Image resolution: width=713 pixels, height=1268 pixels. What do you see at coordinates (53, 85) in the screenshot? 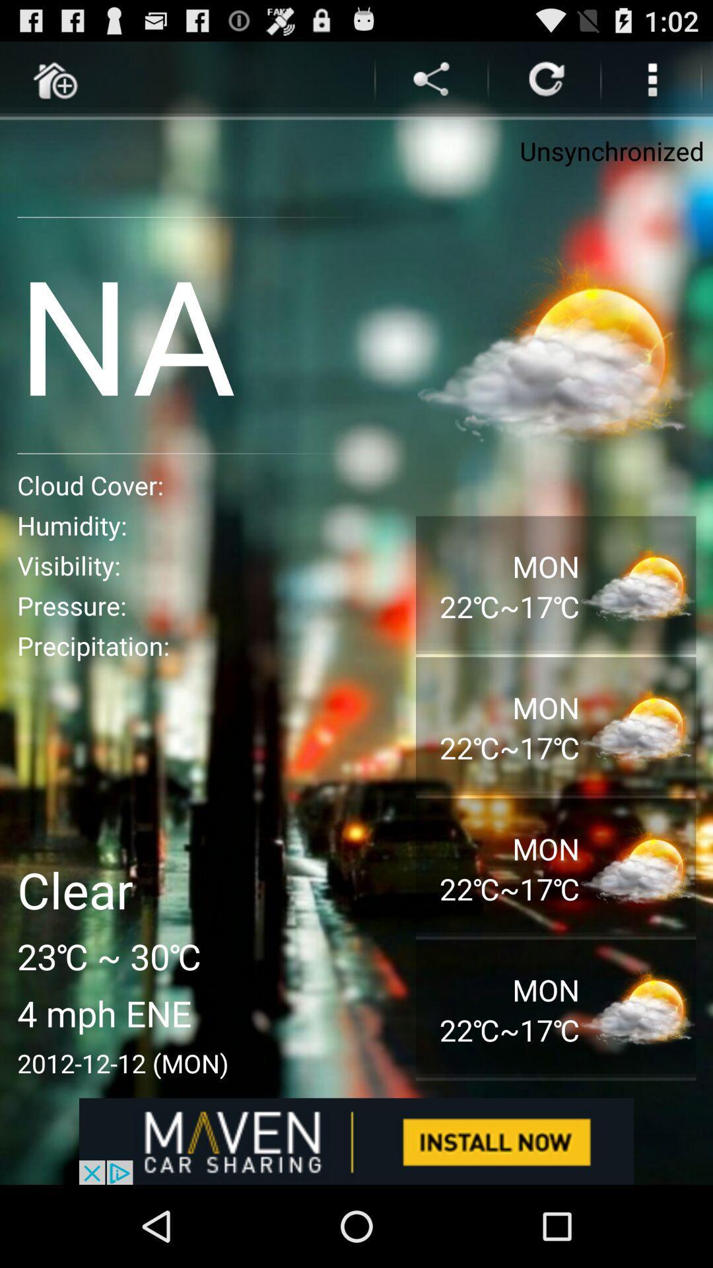
I see `the home icon` at bounding box center [53, 85].